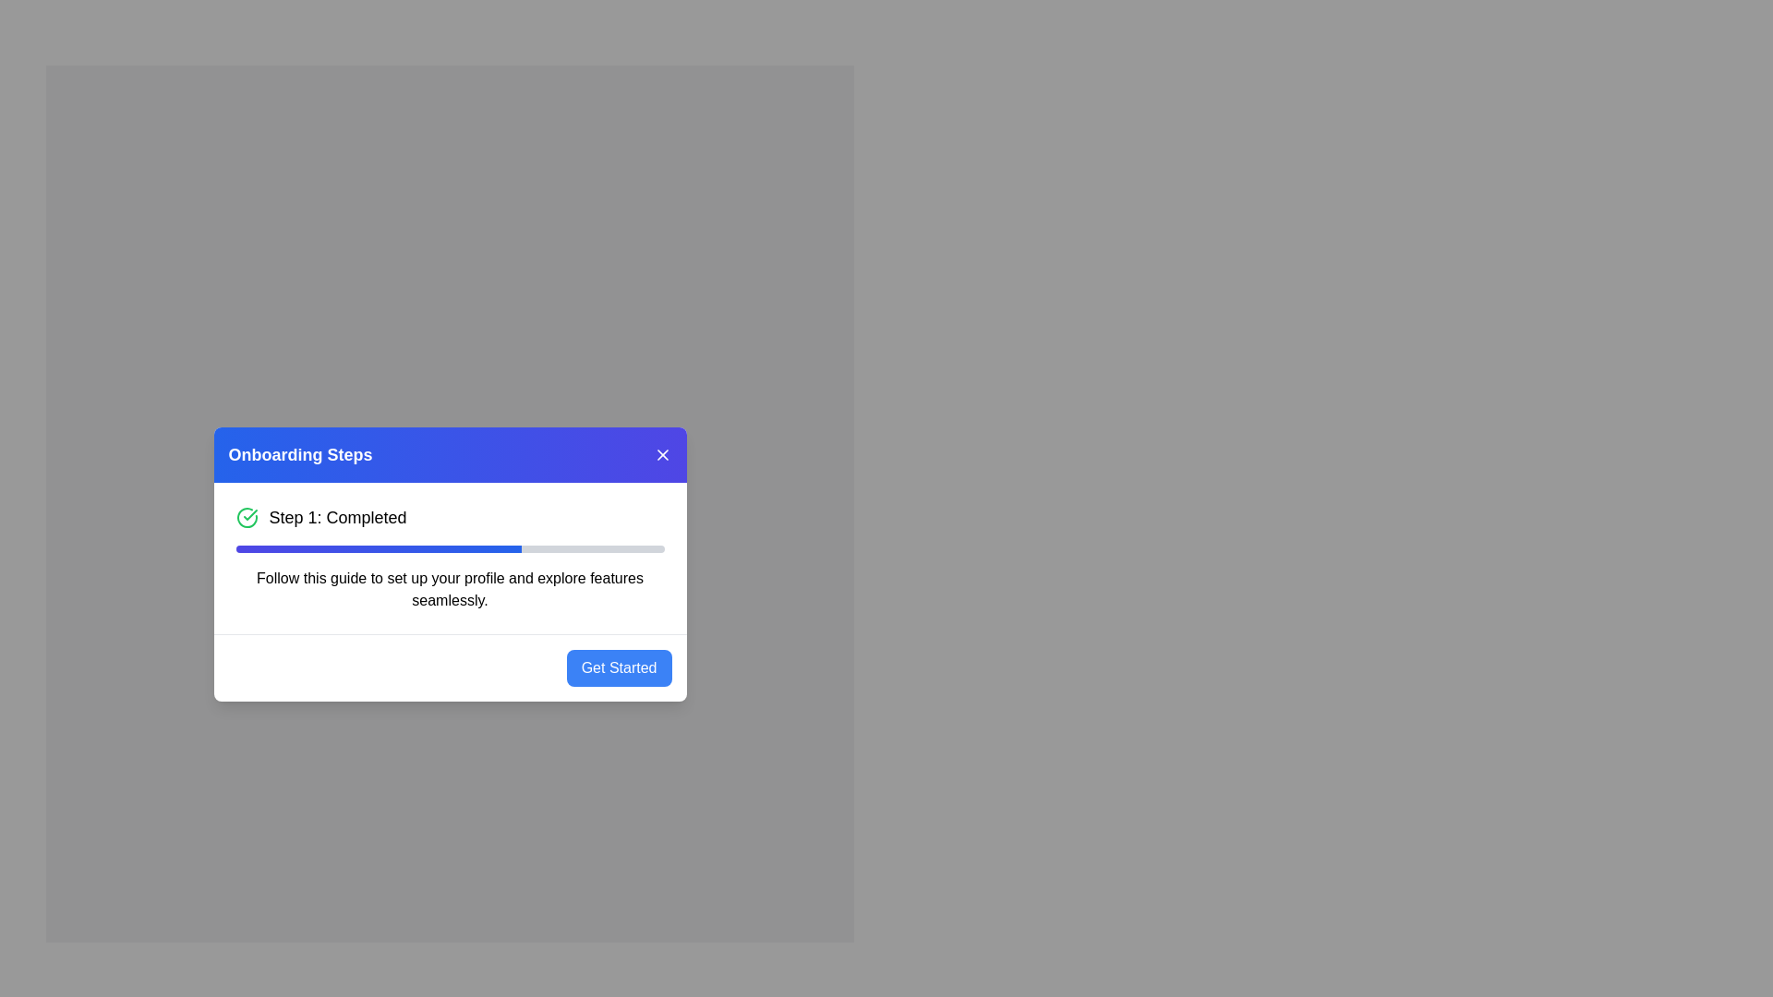 This screenshot has height=997, width=1773. What do you see at coordinates (450, 589) in the screenshot?
I see `text label that contains the message: 'Follow this guide to set up your profile and explore features seamlessly.' It is located within a white card interface below a progress bar and above the 'Get Started' button` at bounding box center [450, 589].